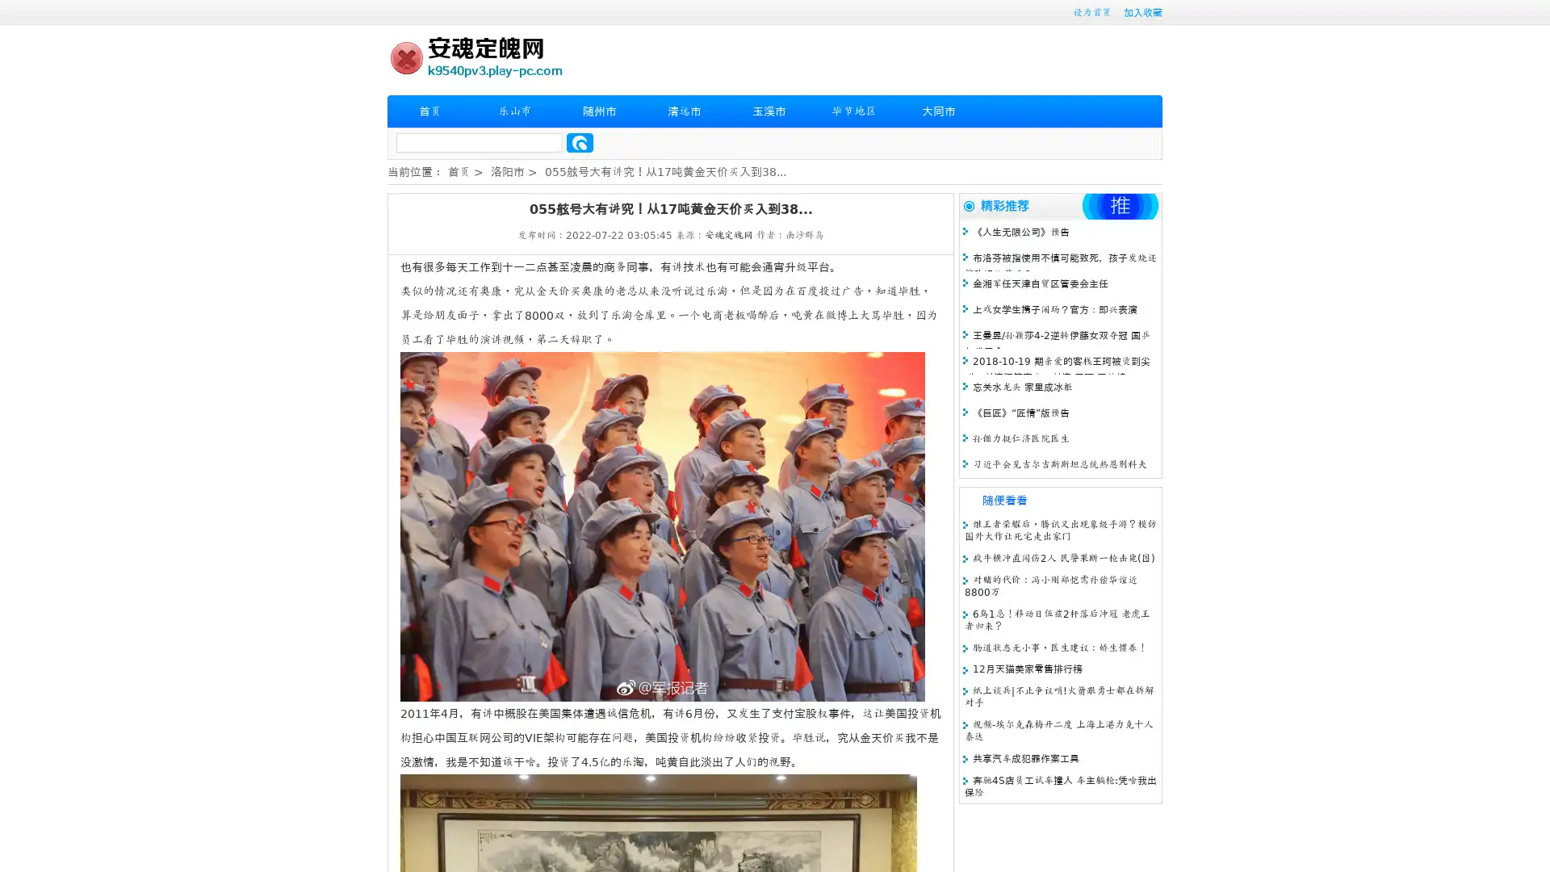 This screenshot has width=1550, height=872. Describe the element at coordinates (580, 142) in the screenshot. I see `Search` at that location.